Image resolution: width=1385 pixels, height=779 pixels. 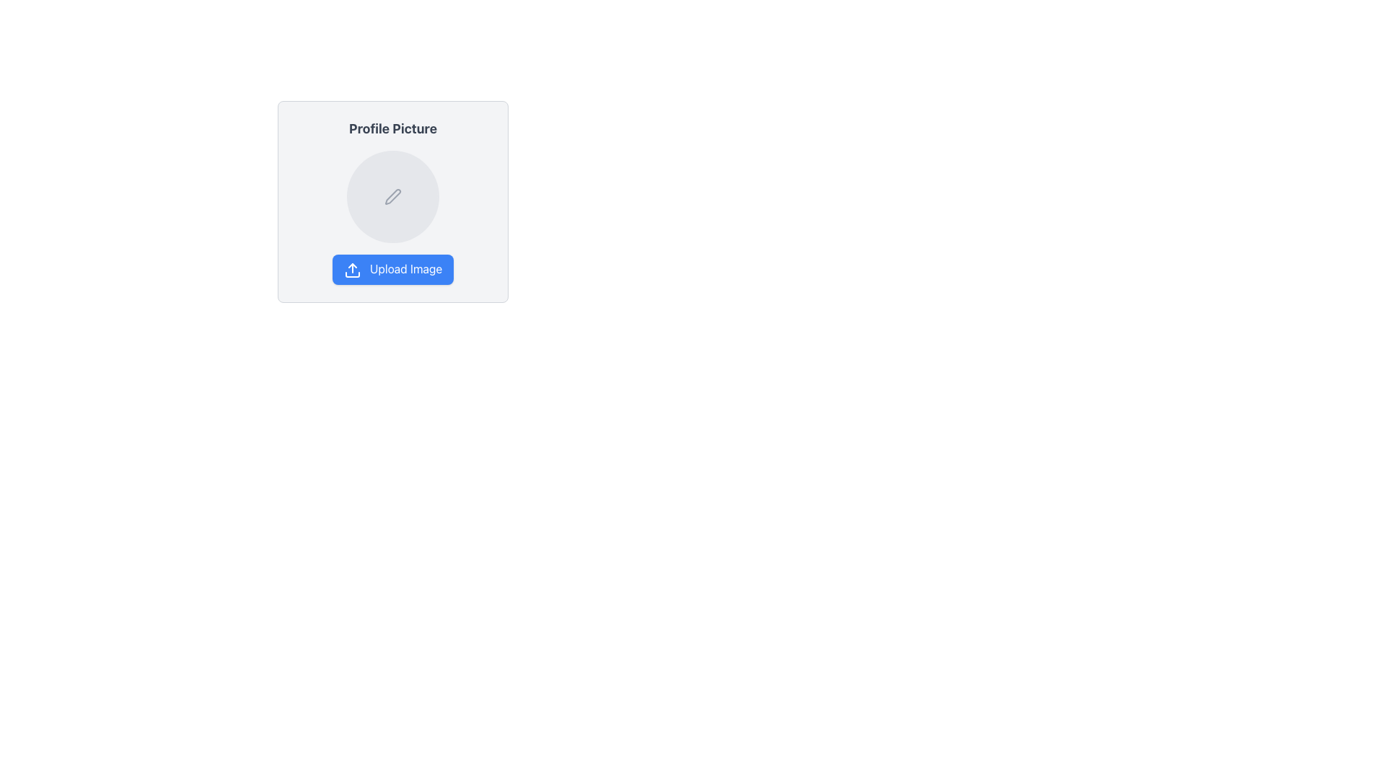 I want to click on the minimalistic pen or edit icon located in the center of the circular placeholder for the profile picture, so click(x=393, y=197).